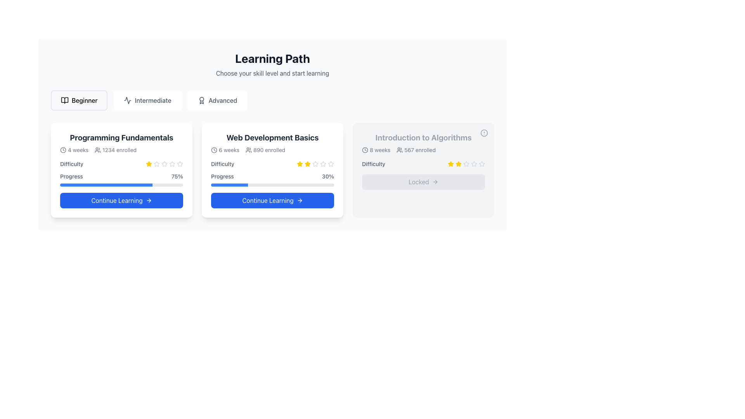 This screenshot has width=745, height=419. What do you see at coordinates (164, 164) in the screenshot?
I see `the third star in the rating system` at bounding box center [164, 164].